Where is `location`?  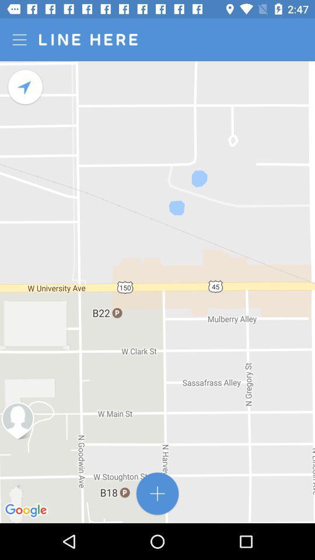
location is located at coordinates (157, 494).